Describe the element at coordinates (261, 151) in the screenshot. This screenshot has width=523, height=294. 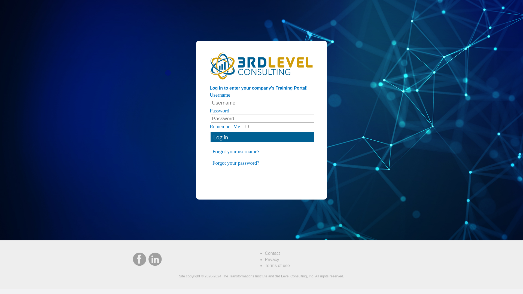
I see `'Forgot your username?'` at that location.